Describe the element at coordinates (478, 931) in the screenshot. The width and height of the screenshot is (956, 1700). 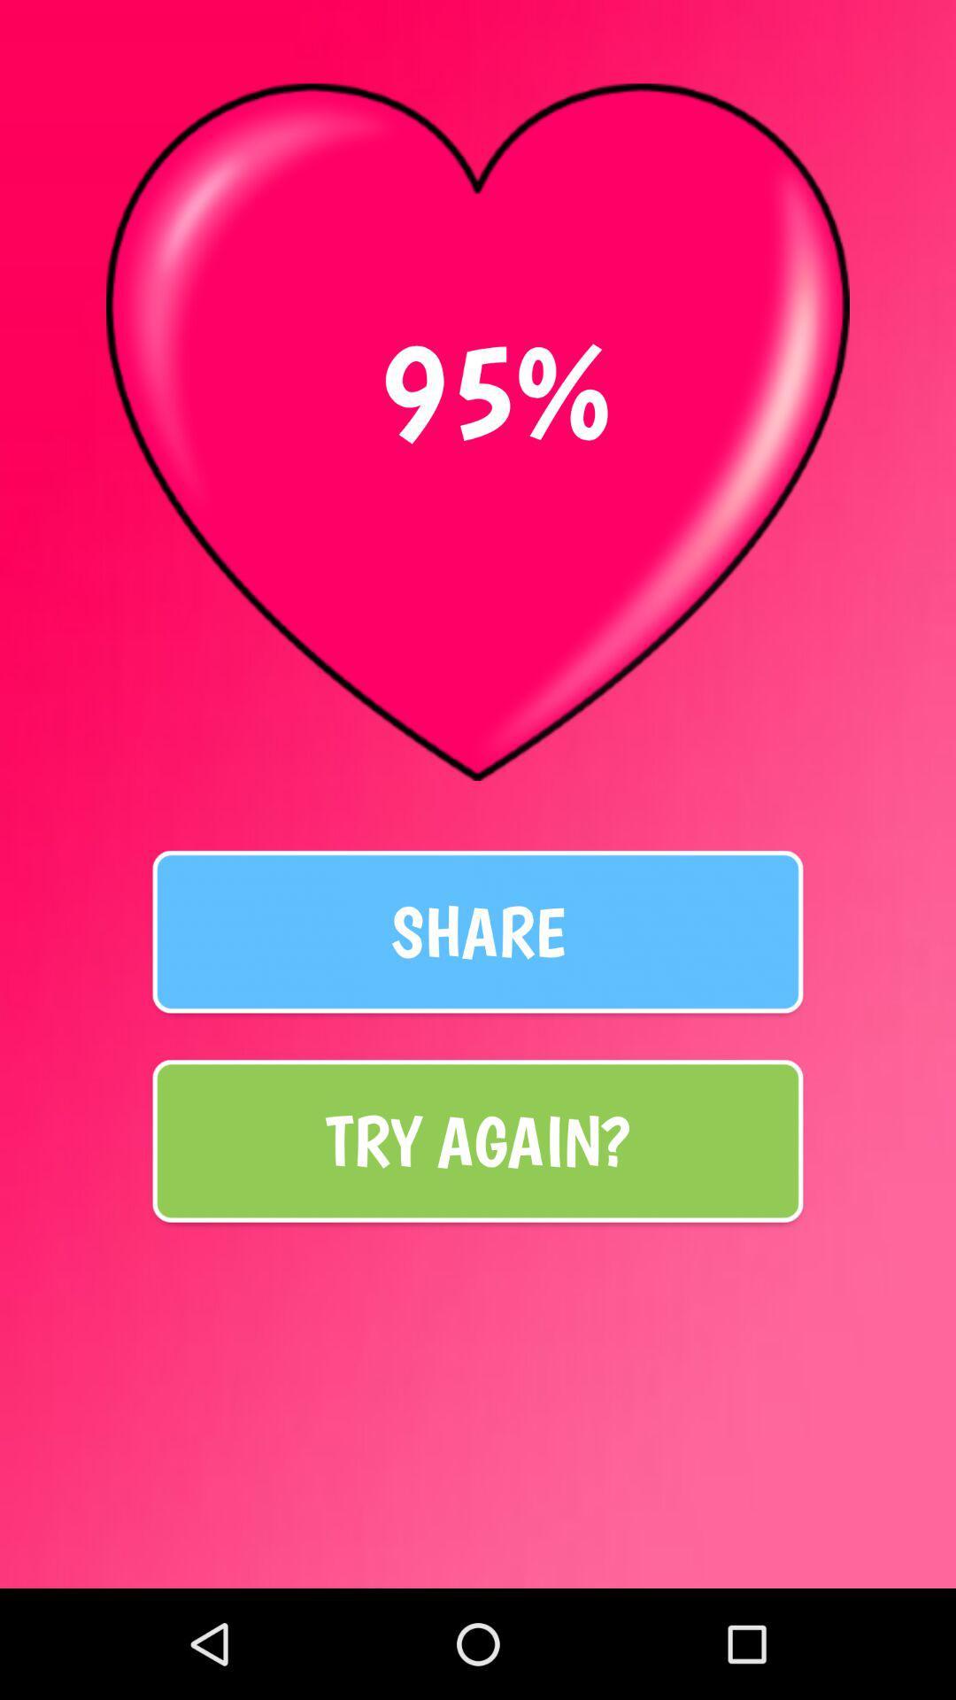
I see `share item` at that location.